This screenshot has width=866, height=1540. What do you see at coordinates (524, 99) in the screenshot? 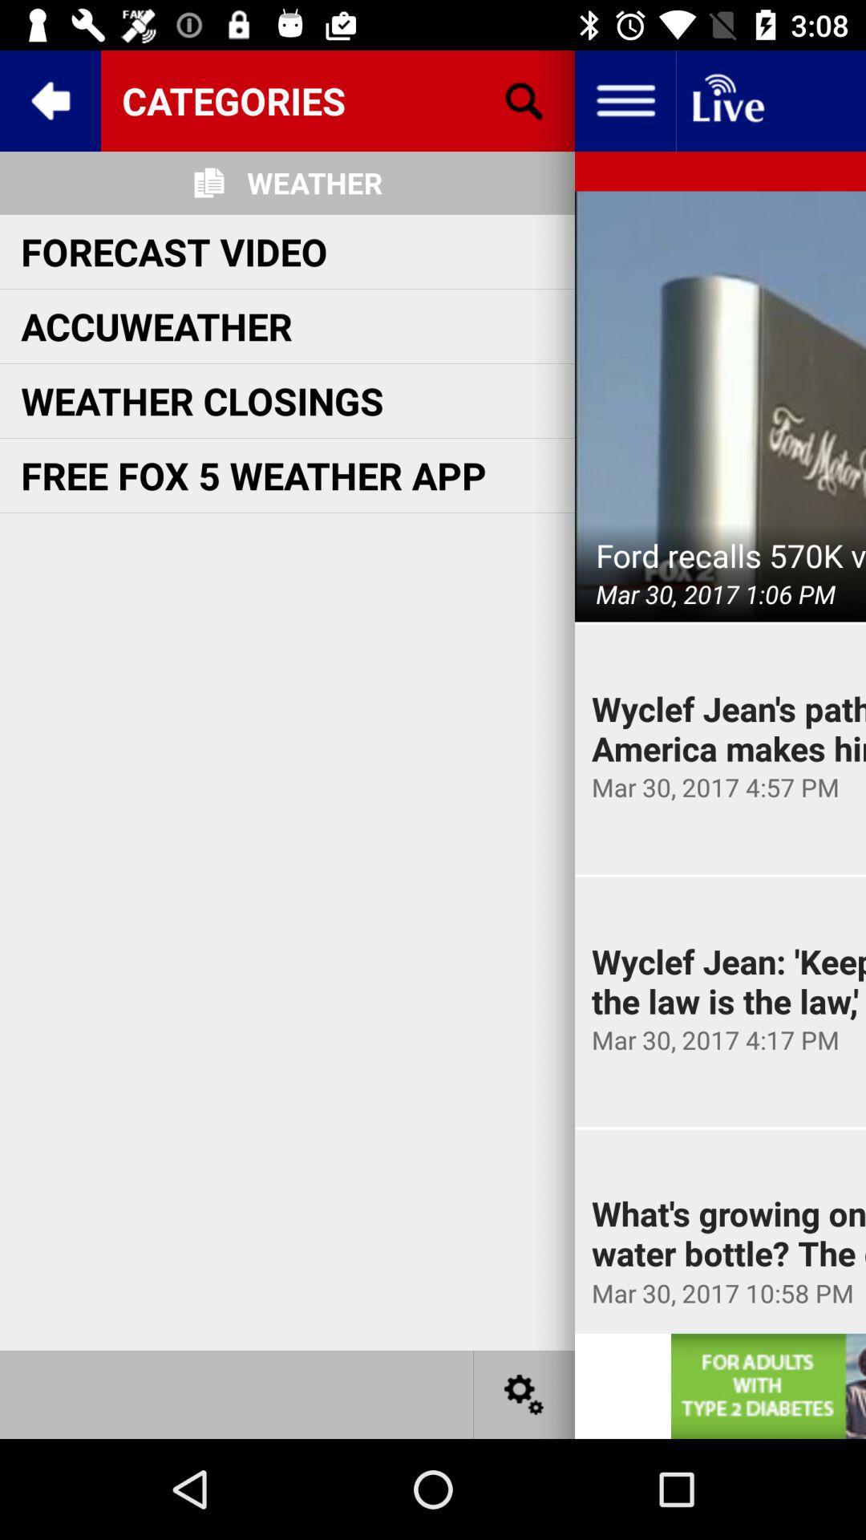
I see `search` at bounding box center [524, 99].